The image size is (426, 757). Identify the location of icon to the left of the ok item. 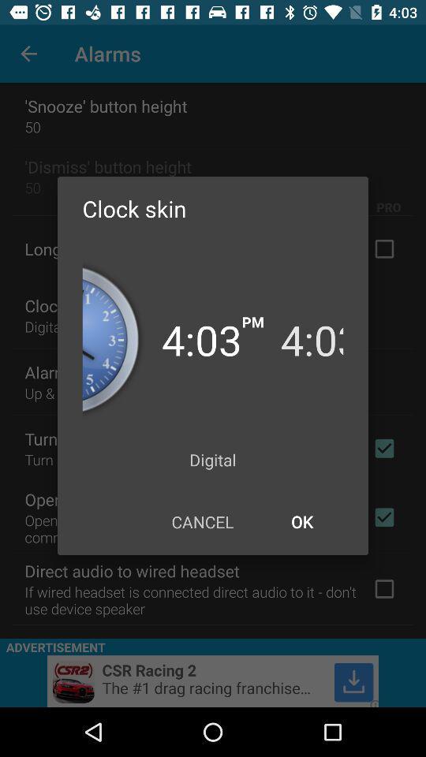
(202, 521).